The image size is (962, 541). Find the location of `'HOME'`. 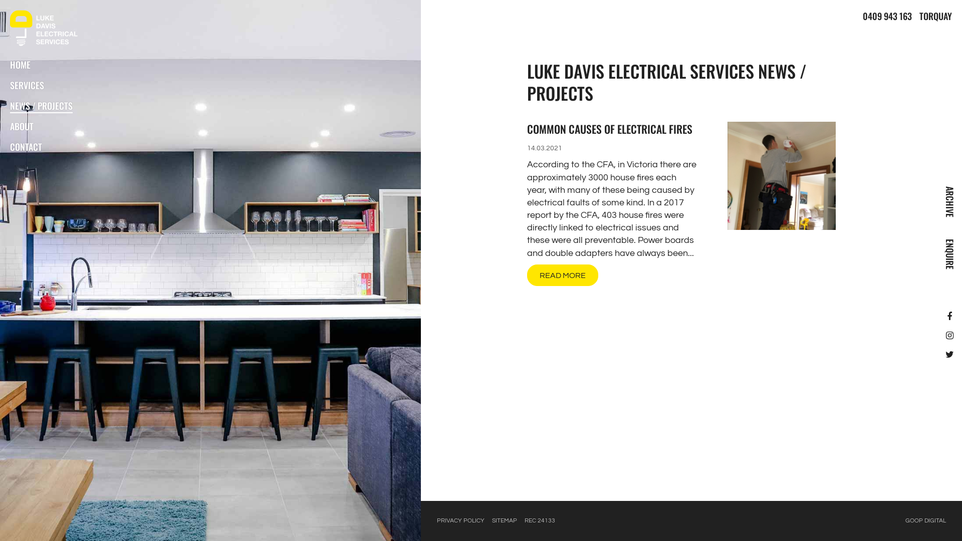

'HOME' is located at coordinates (20, 65).